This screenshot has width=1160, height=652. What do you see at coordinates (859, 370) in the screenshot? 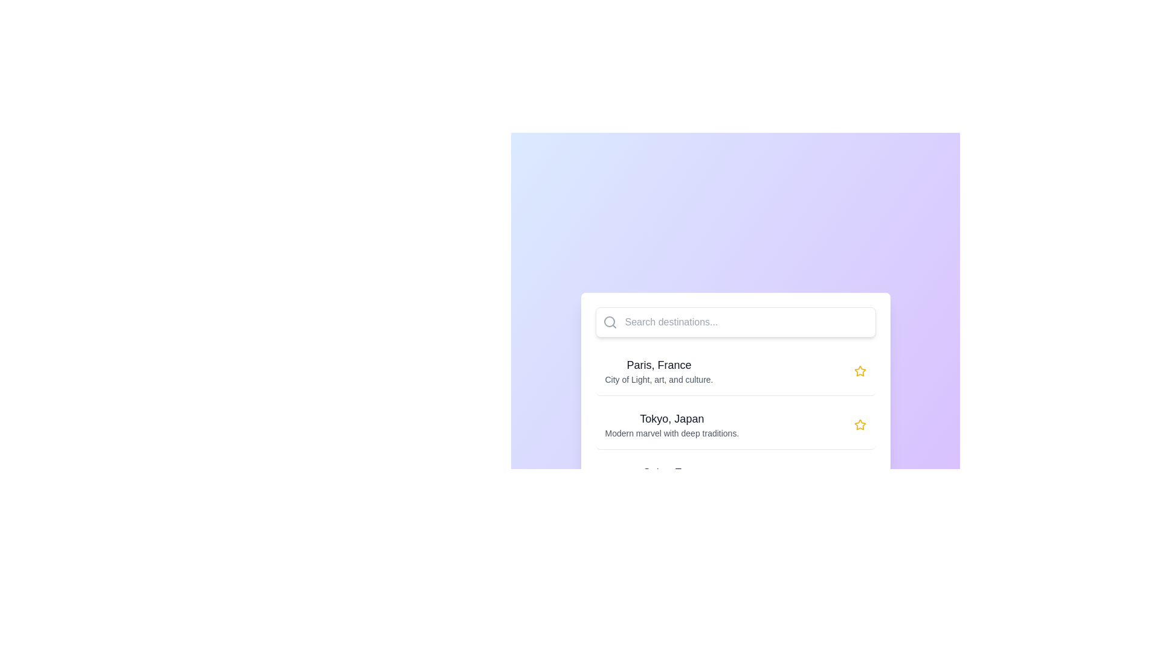
I see `the button in the top-right corner of the 'Paris, France' box` at bounding box center [859, 370].